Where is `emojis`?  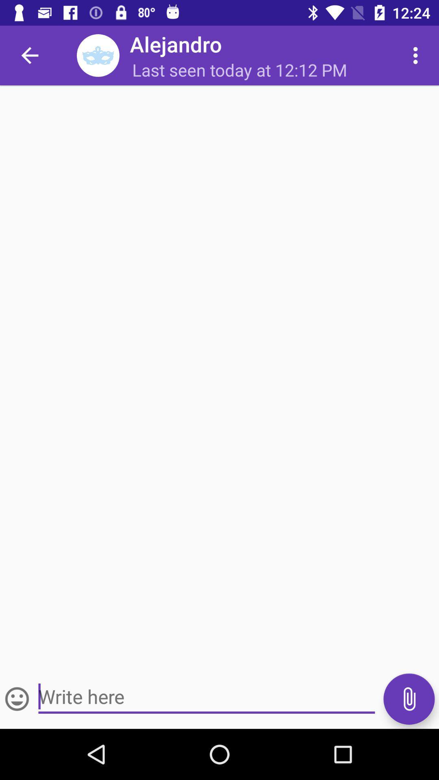
emojis is located at coordinates (17, 698).